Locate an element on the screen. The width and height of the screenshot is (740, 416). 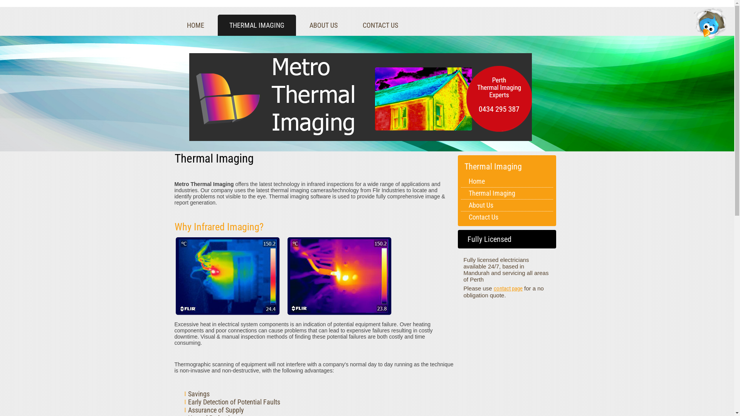
'ABOUT US' is located at coordinates (323, 25).